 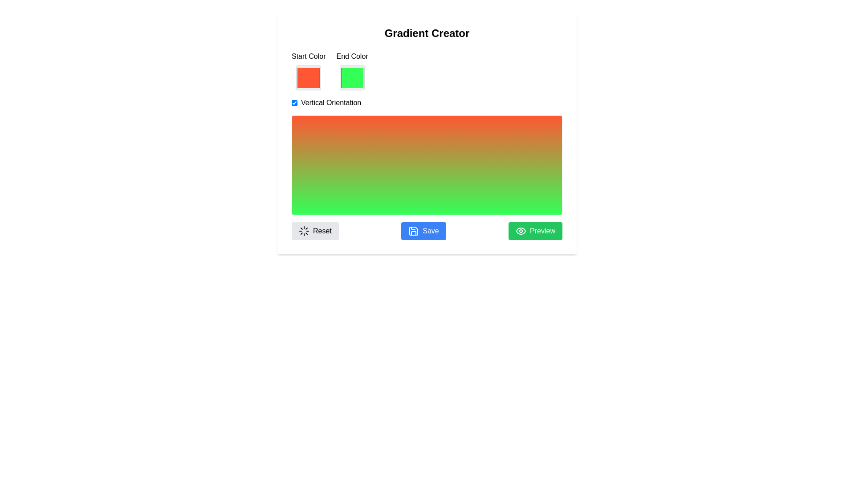 What do you see at coordinates (294, 102) in the screenshot?
I see `the selected checkbox located to the left of the text 'Vertical Orientation'` at bounding box center [294, 102].